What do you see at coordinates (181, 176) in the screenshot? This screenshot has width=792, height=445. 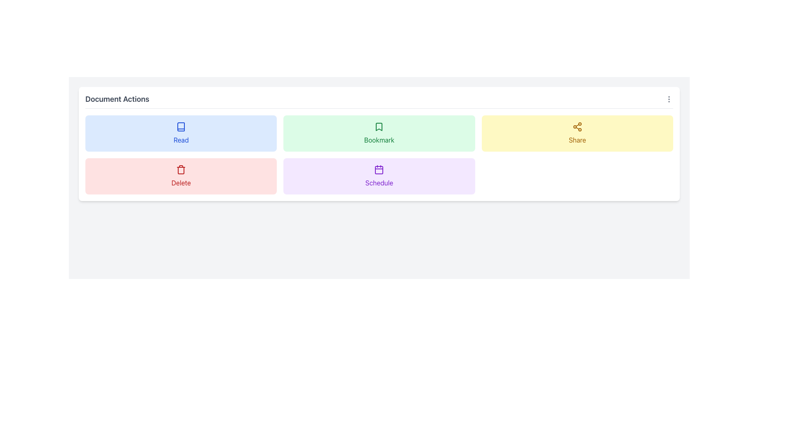 I see `the delete button located in the second row and first column of the grid layout` at bounding box center [181, 176].